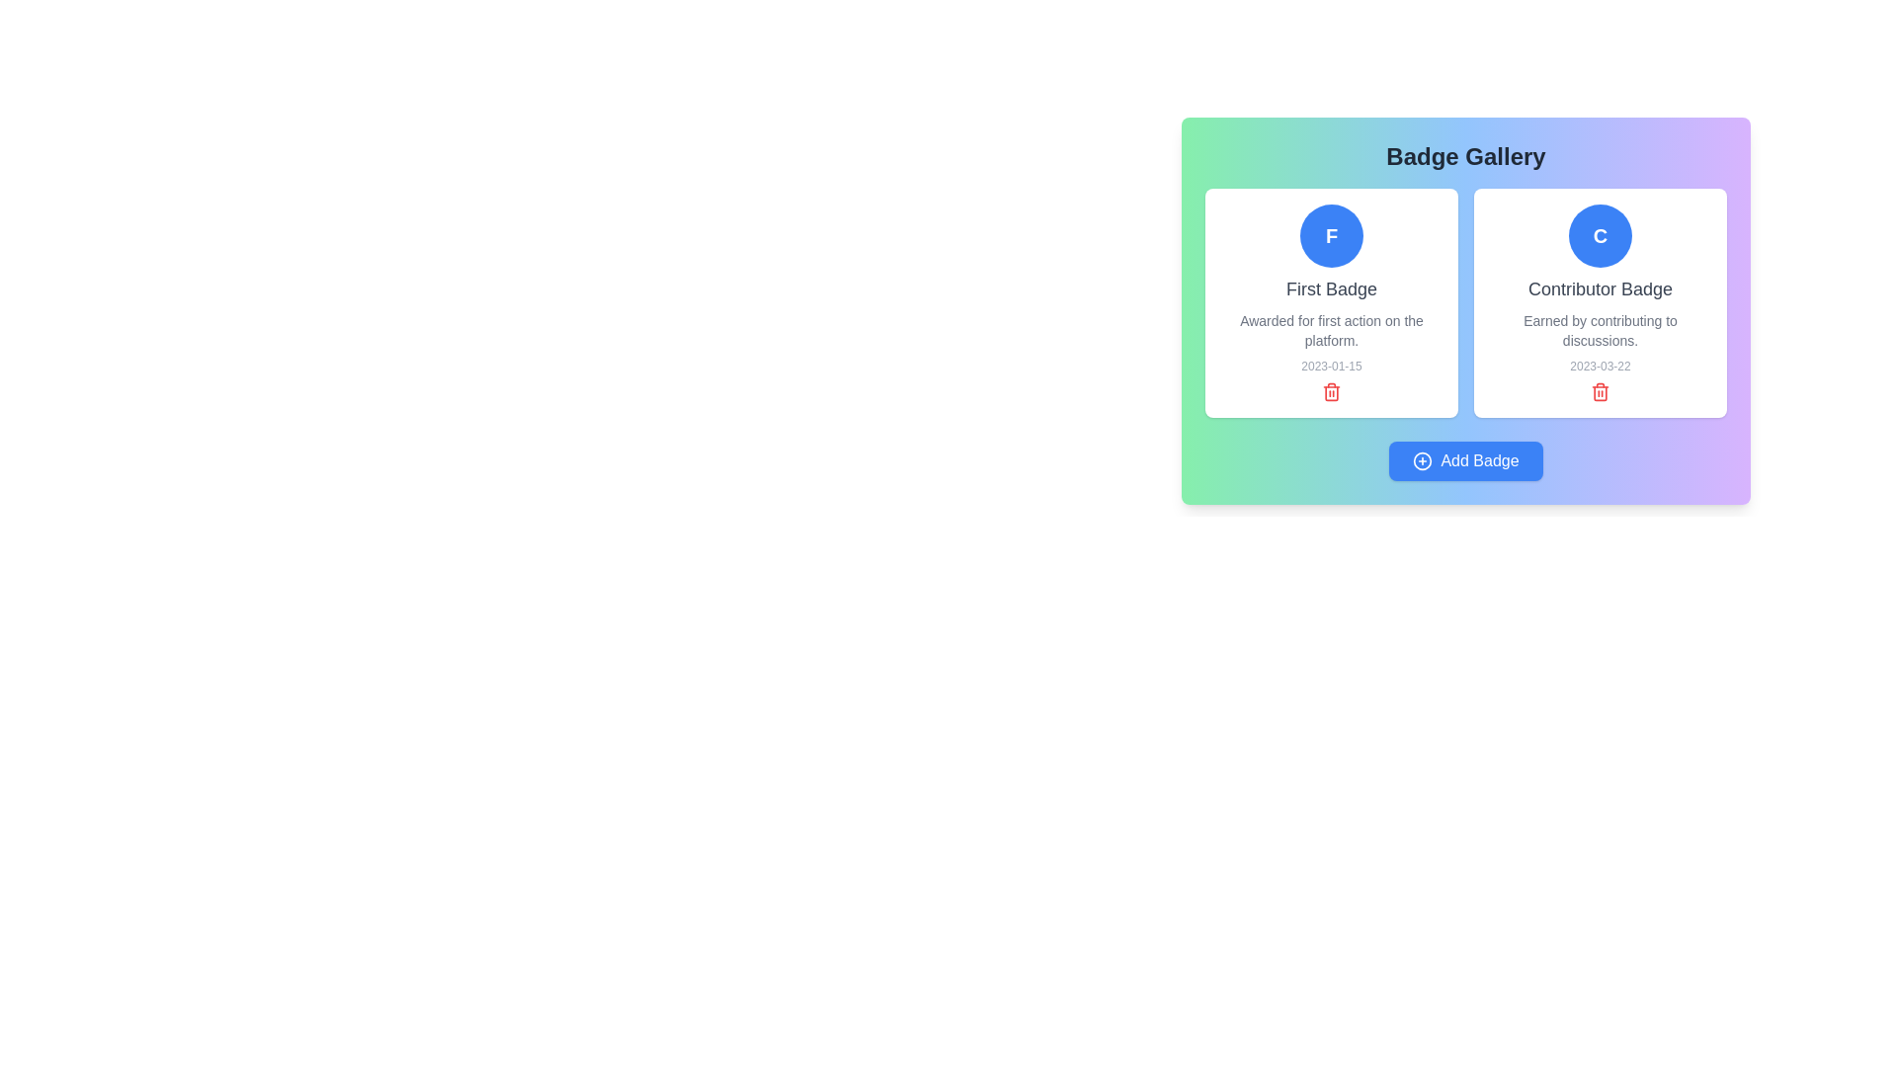  Describe the element at coordinates (1601, 330) in the screenshot. I see `the text label displaying 'Earned by contributing to discussions.' located under the 'Contributor Badge' in the right card of the badge gallery` at that location.